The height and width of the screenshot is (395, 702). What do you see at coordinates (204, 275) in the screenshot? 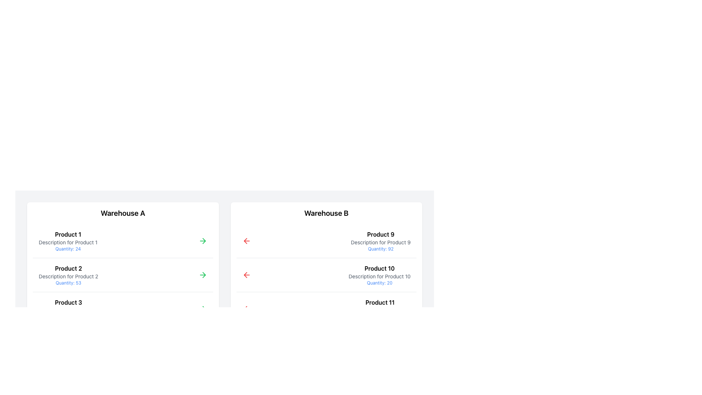
I see `the arrow icon indicating progression or forward action located near the right side of the 'Product 1' entry under the 'Warehouse A' section` at bounding box center [204, 275].